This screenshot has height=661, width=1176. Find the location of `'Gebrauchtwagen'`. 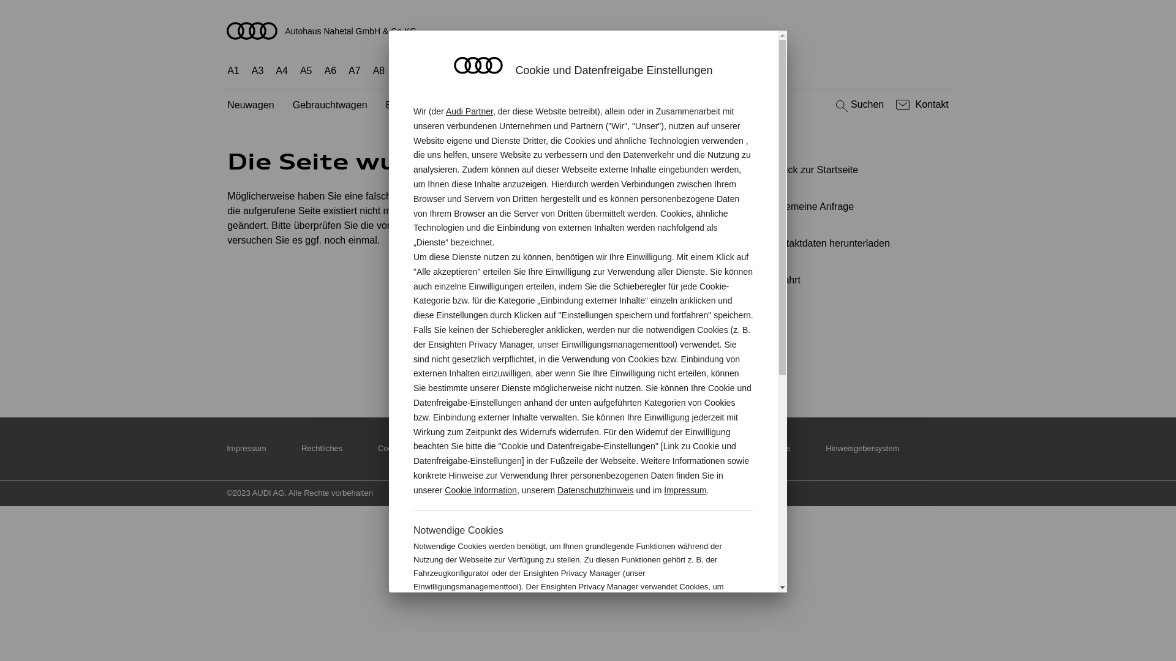

'Gebrauchtwagen' is located at coordinates (330, 105).